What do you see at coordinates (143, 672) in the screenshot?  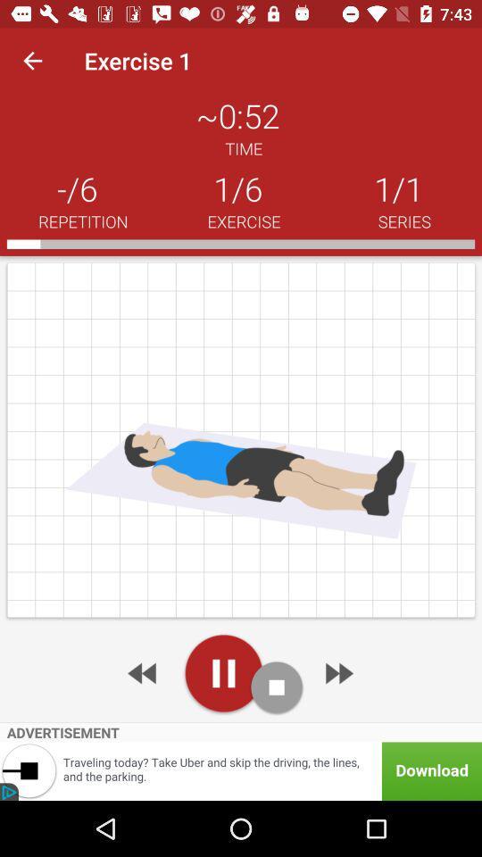 I see `rewind` at bounding box center [143, 672].